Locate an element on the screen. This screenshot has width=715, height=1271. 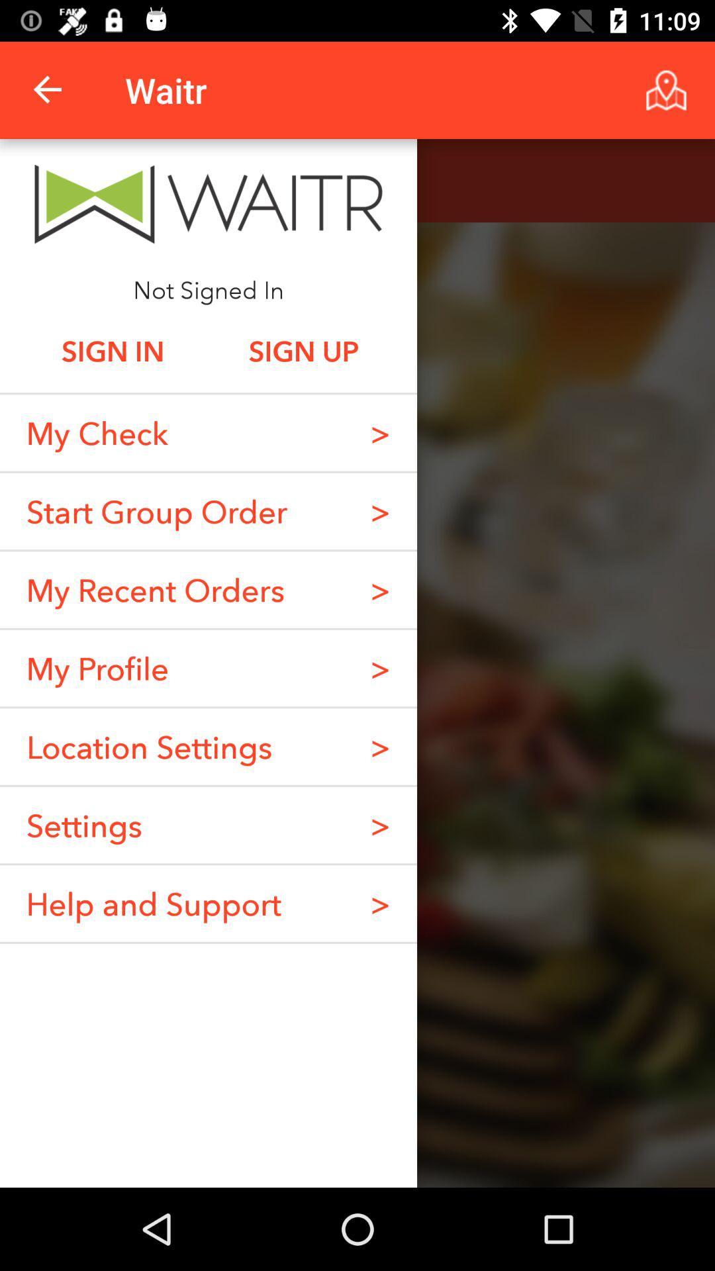
item above the > is located at coordinates (380, 432).